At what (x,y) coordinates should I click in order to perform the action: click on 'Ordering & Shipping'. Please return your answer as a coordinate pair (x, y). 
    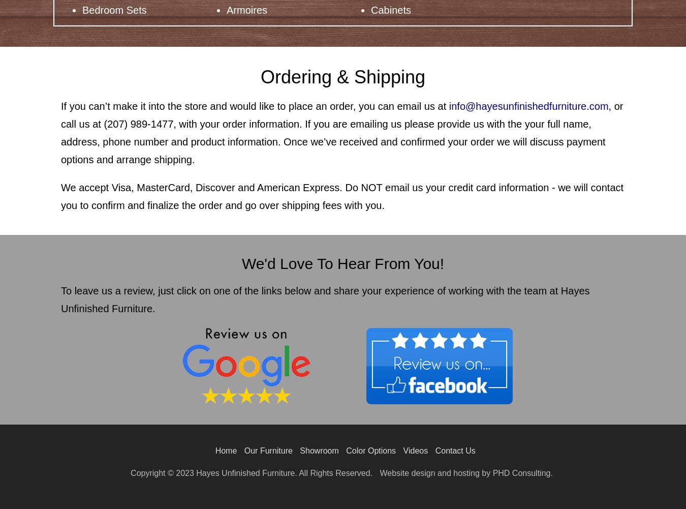
    Looking at the image, I should click on (260, 77).